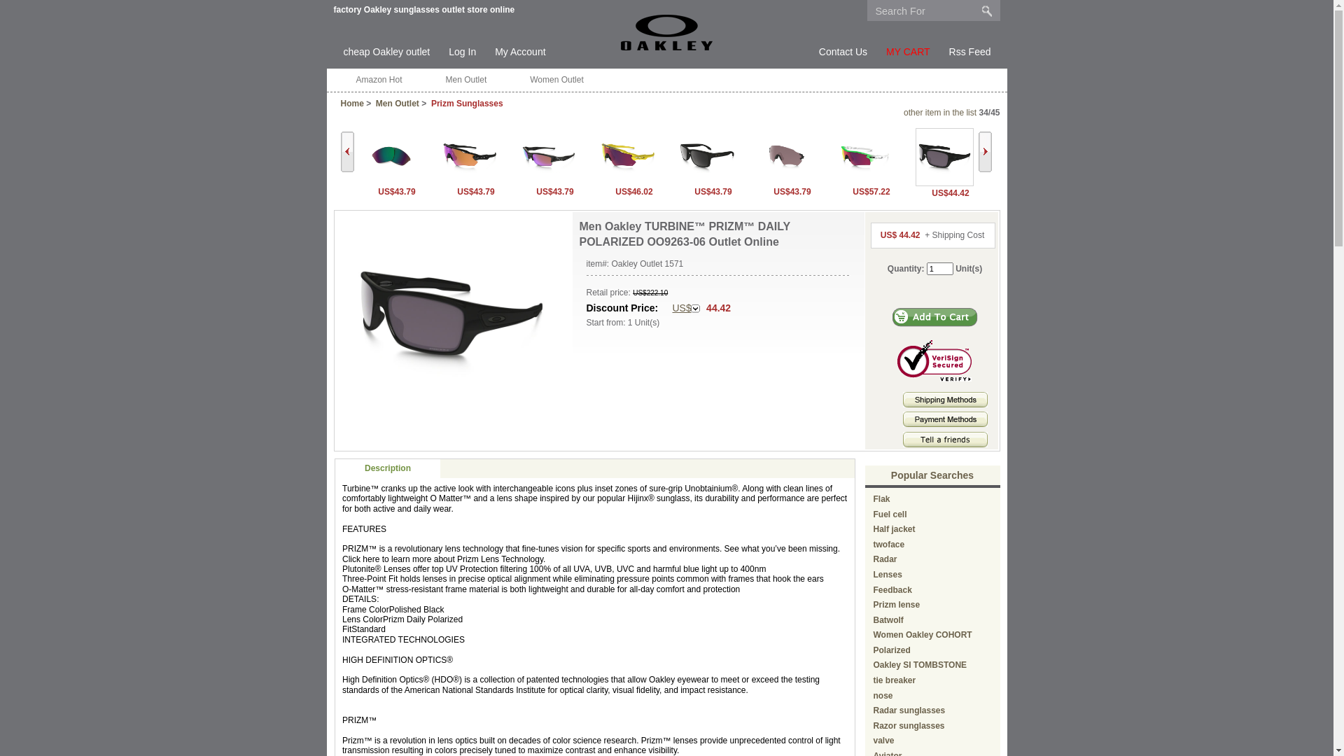  What do you see at coordinates (449, 51) in the screenshot?
I see `'Log In'` at bounding box center [449, 51].